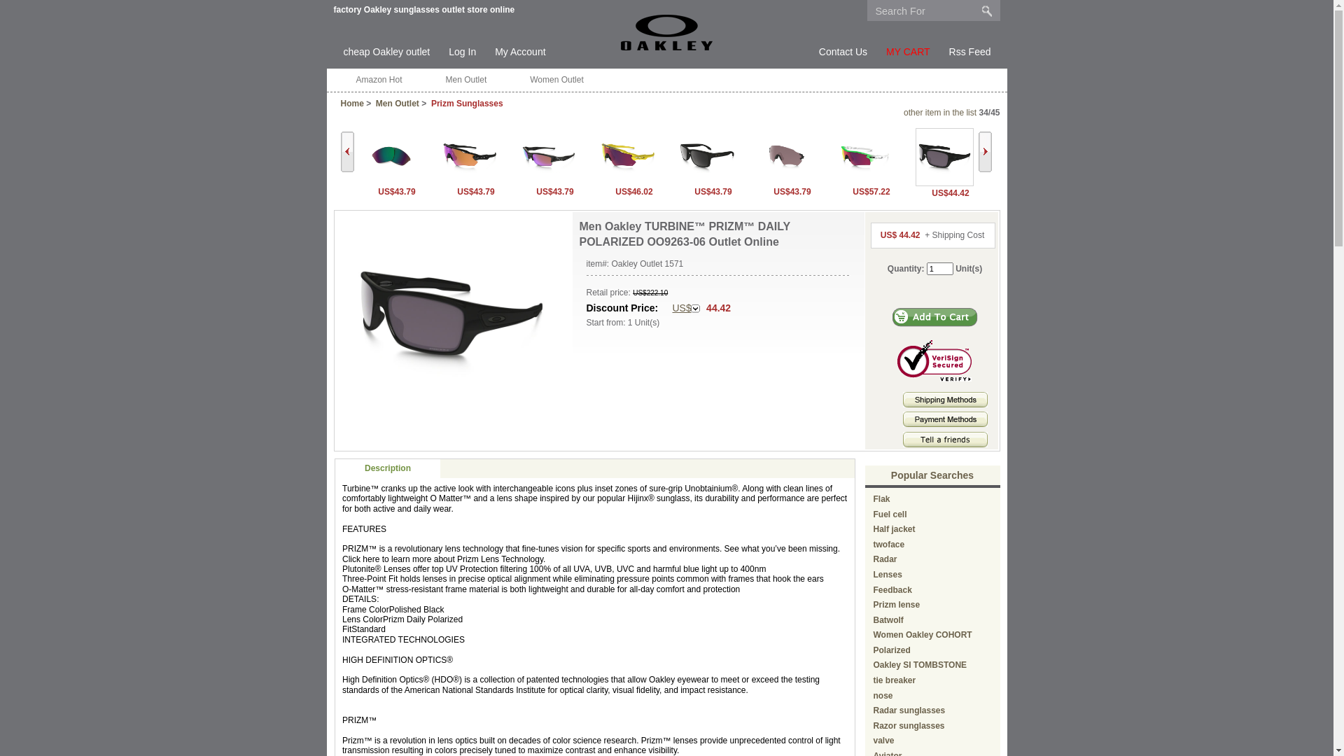  What do you see at coordinates (449, 51) in the screenshot?
I see `'Log In'` at bounding box center [449, 51].